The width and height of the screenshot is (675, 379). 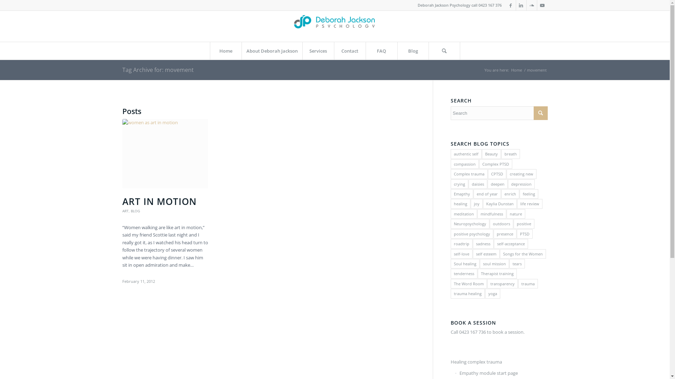 What do you see at coordinates (517, 264) in the screenshot?
I see `'tears'` at bounding box center [517, 264].